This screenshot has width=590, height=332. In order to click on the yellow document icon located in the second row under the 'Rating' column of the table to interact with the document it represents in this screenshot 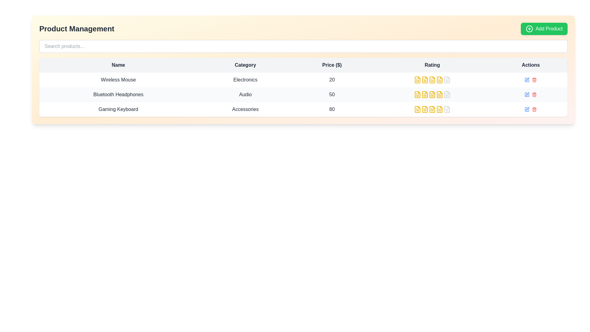, I will do `click(432, 79)`.